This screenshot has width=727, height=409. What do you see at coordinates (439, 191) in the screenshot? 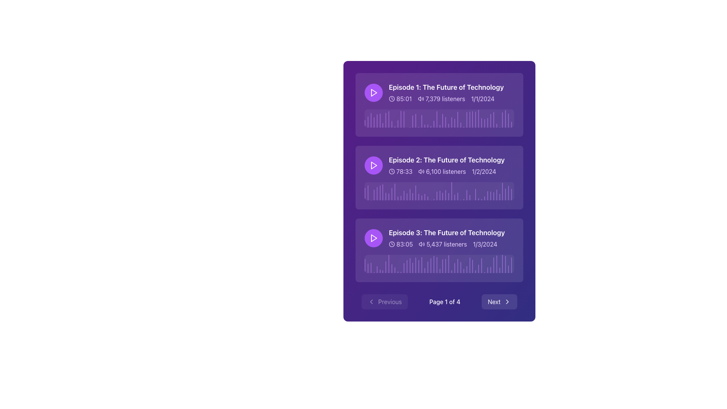
I see `the graphical waveform representation located below the textual details of 'Episode 2: The Future of Technology'` at bounding box center [439, 191].